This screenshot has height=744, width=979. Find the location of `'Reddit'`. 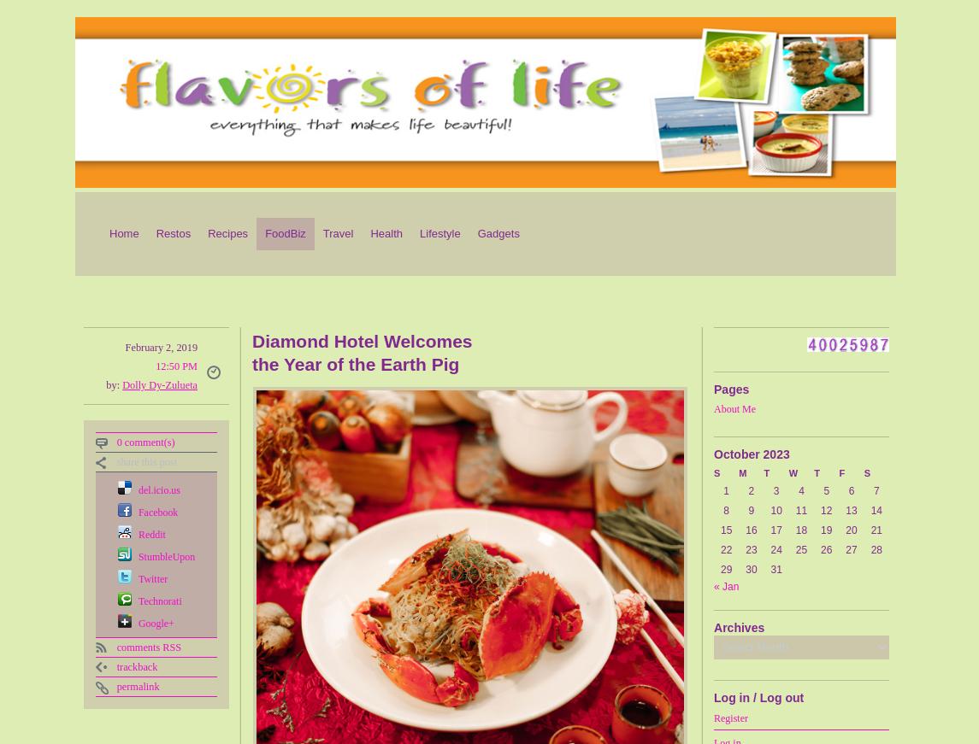

'Reddit' is located at coordinates (151, 533).